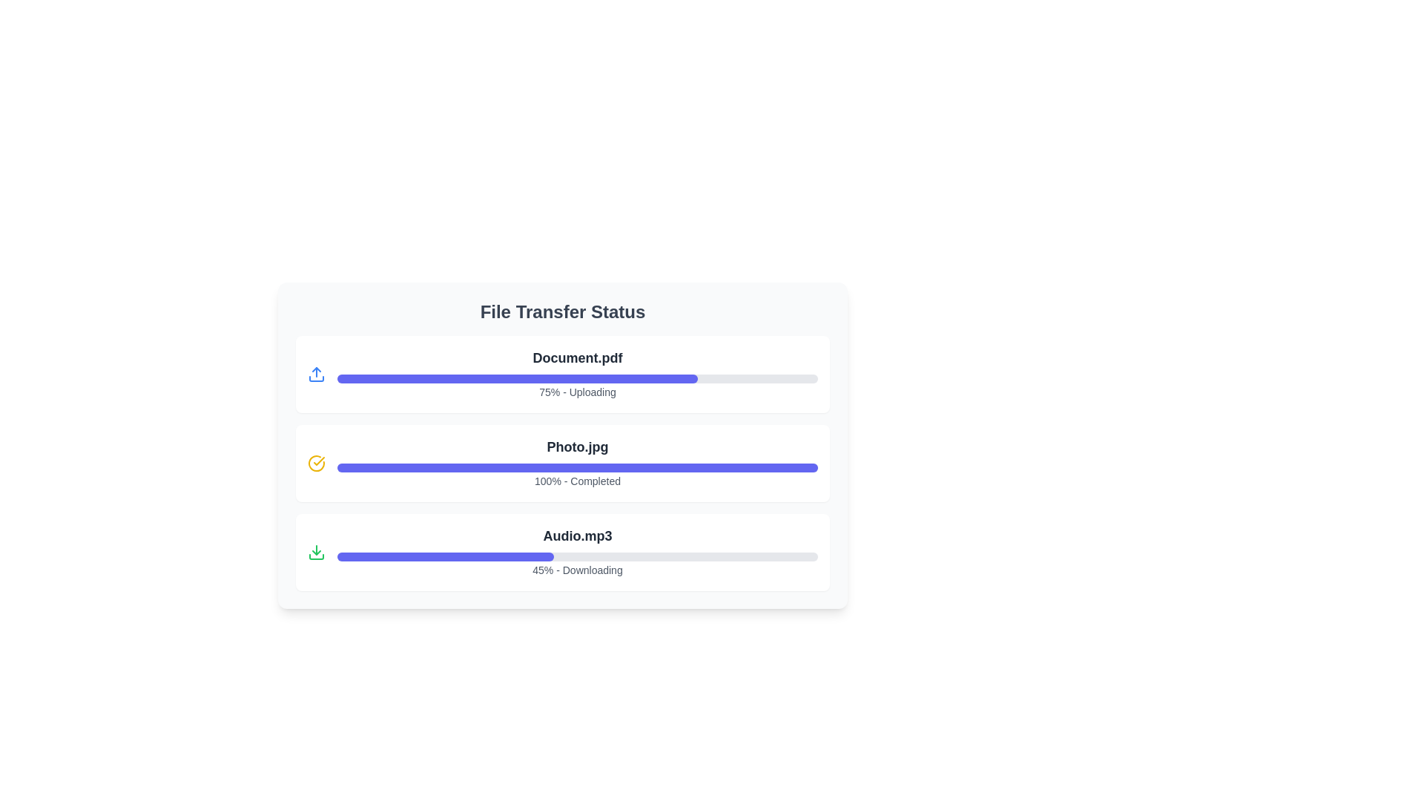  Describe the element at coordinates (576, 552) in the screenshot. I see `the progress bar for the file 'Audio.mp3', which shows 45% completion and is visually distinct with rounded edges and shadows` at that location.